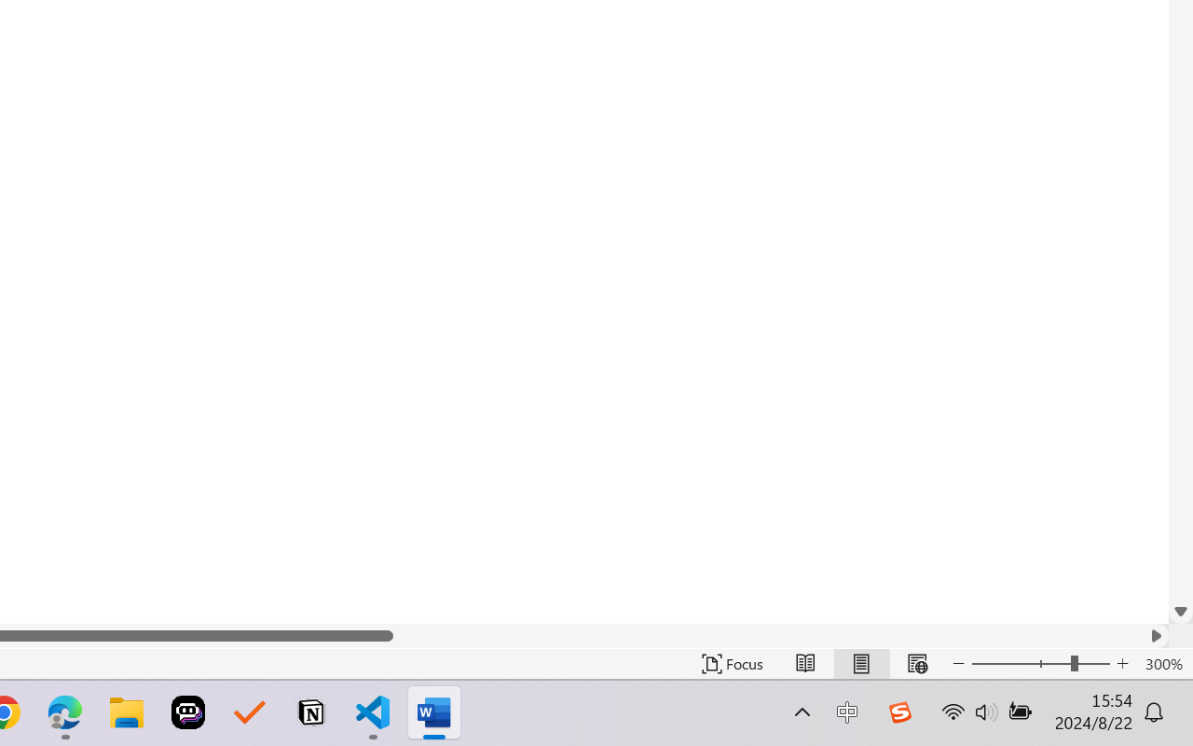 The width and height of the screenshot is (1193, 746). I want to click on 'Focus ', so click(732, 663).